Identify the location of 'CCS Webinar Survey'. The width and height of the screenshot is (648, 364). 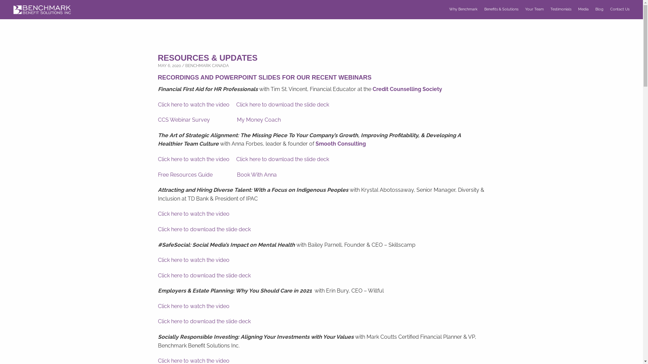
(157, 119).